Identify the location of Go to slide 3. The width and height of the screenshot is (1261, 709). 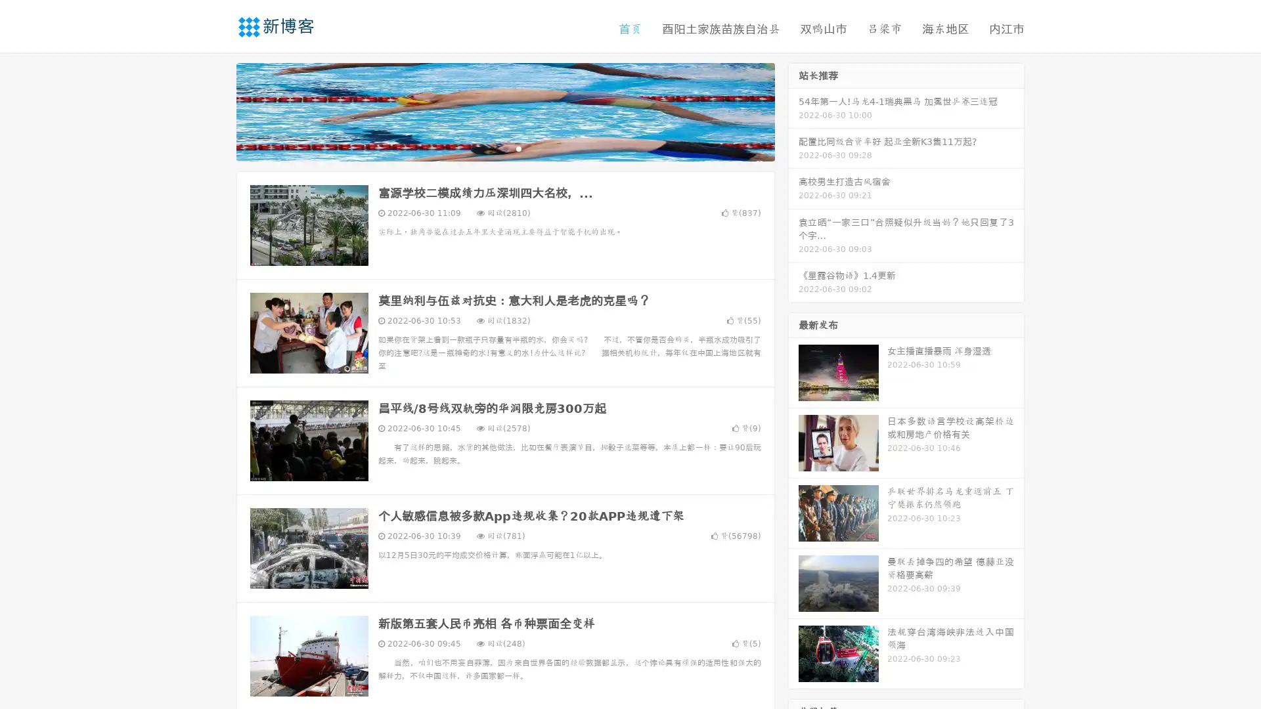
(518, 148).